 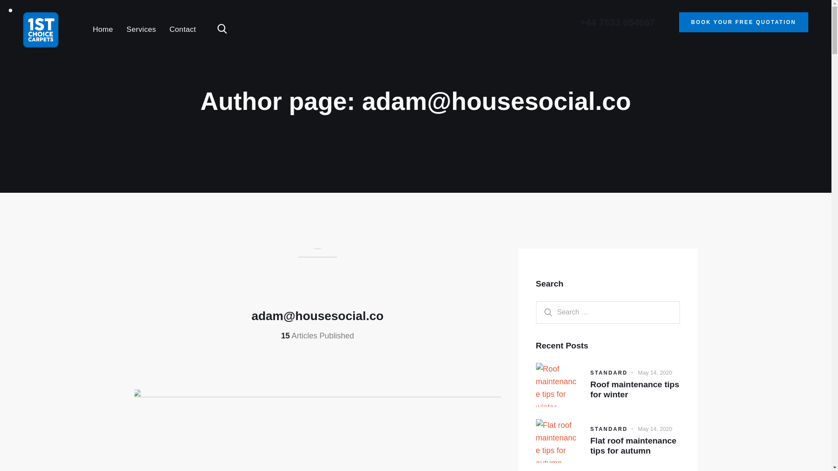 I want to click on 'STANDARD', so click(x=608, y=373).